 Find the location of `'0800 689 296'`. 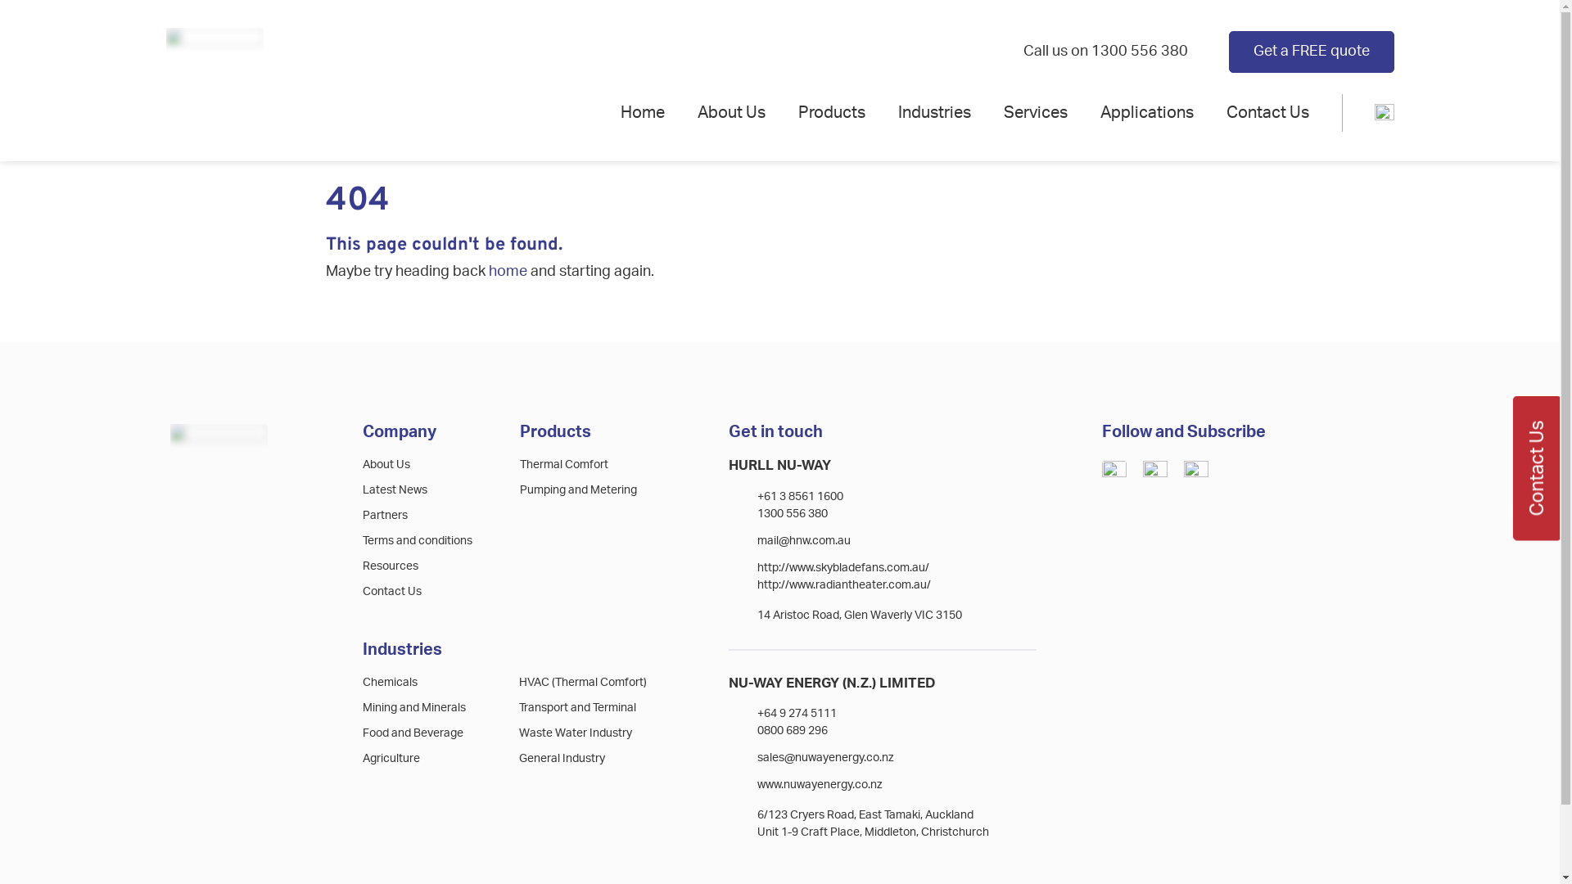

'0800 689 296' is located at coordinates (793, 730).